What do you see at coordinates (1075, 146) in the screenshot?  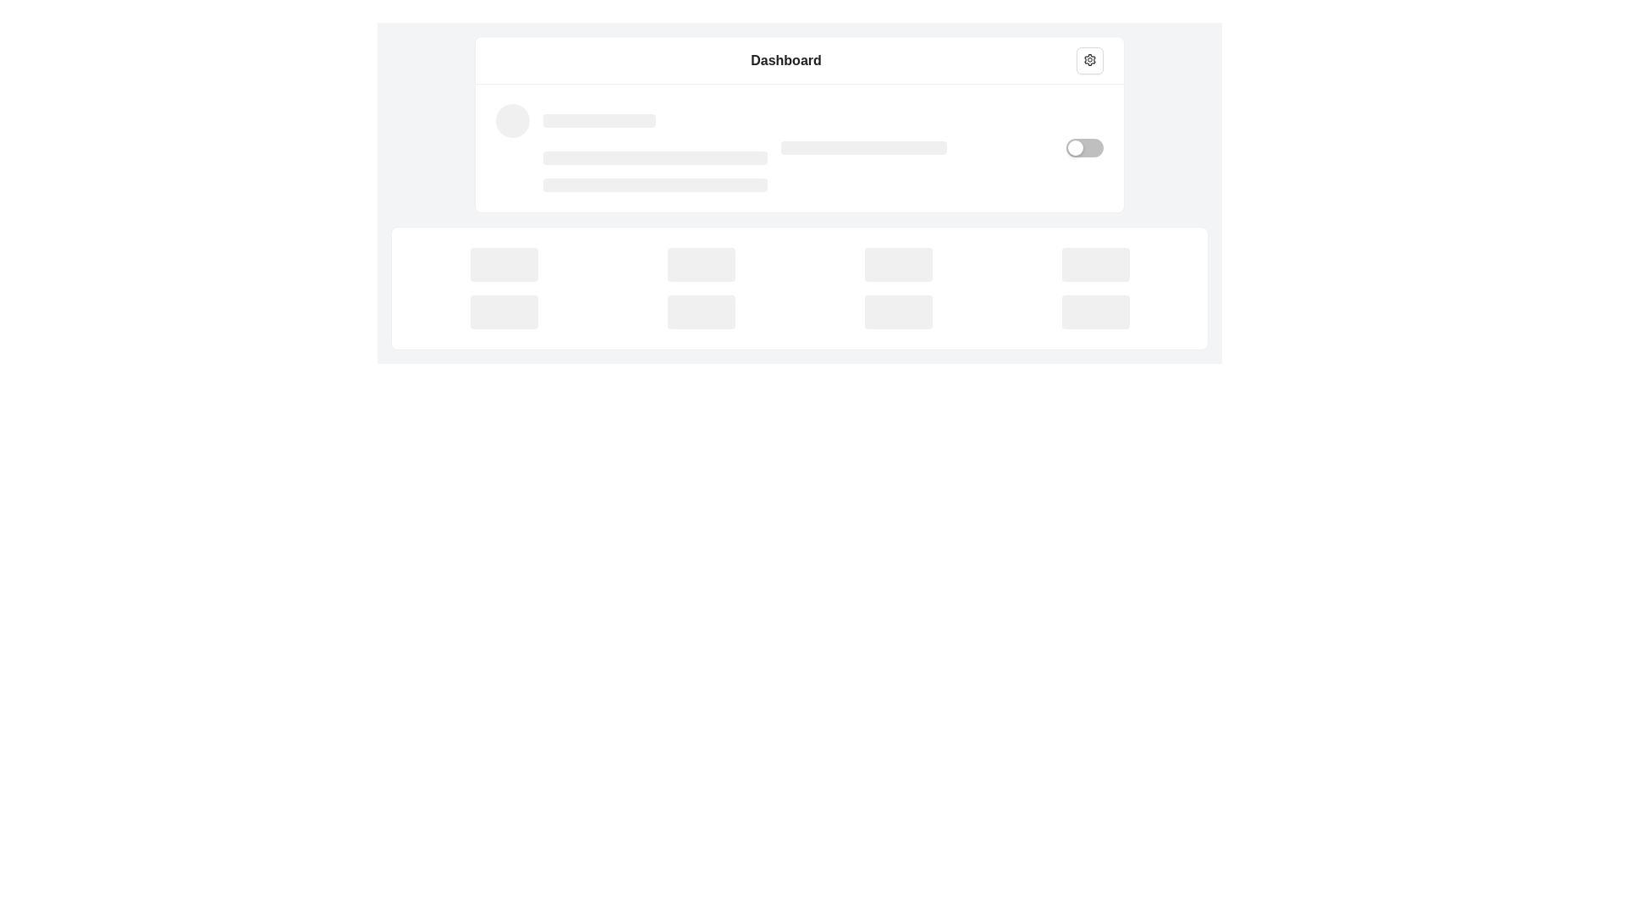 I see `the circular toggle switch handle located at the top-right corner of the switch component` at bounding box center [1075, 146].